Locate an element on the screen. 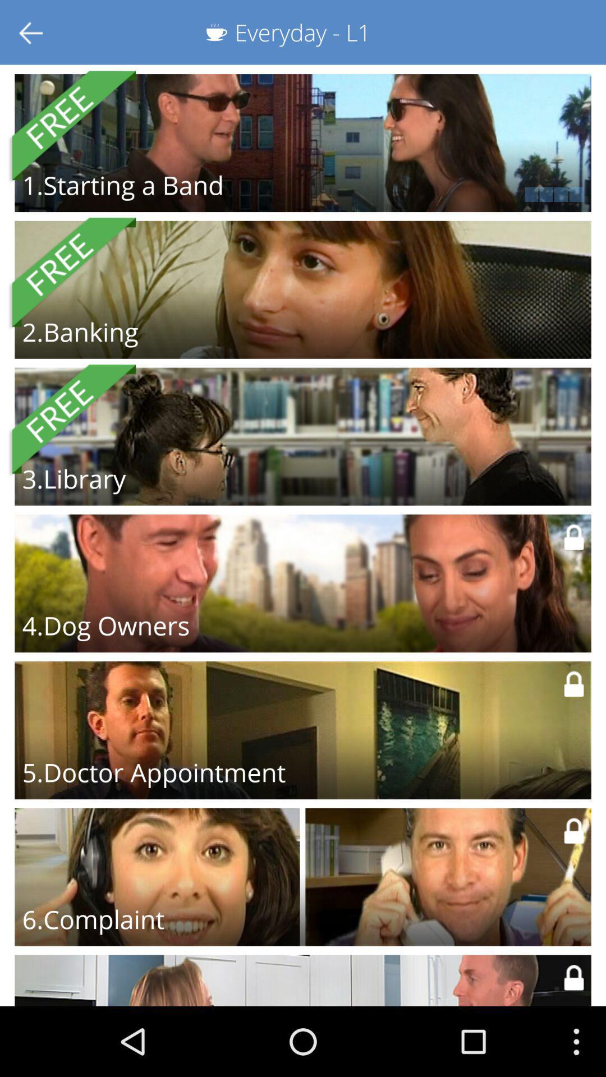 This screenshot has height=1077, width=606. 3.library icon is located at coordinates (74, 478).